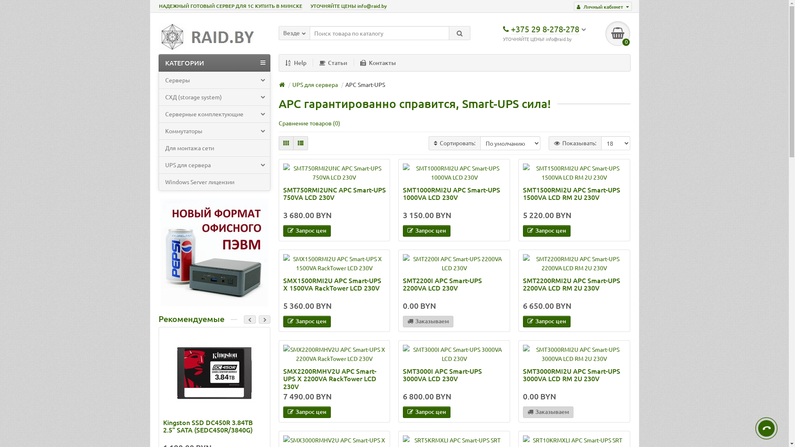 Image resolution: width=795 pixels, height=447 pixels. I want to click on 'SMX1500RMI2U APC Smart-UPS X 1500VA RackTower LCD 230V', so click(334, 287).